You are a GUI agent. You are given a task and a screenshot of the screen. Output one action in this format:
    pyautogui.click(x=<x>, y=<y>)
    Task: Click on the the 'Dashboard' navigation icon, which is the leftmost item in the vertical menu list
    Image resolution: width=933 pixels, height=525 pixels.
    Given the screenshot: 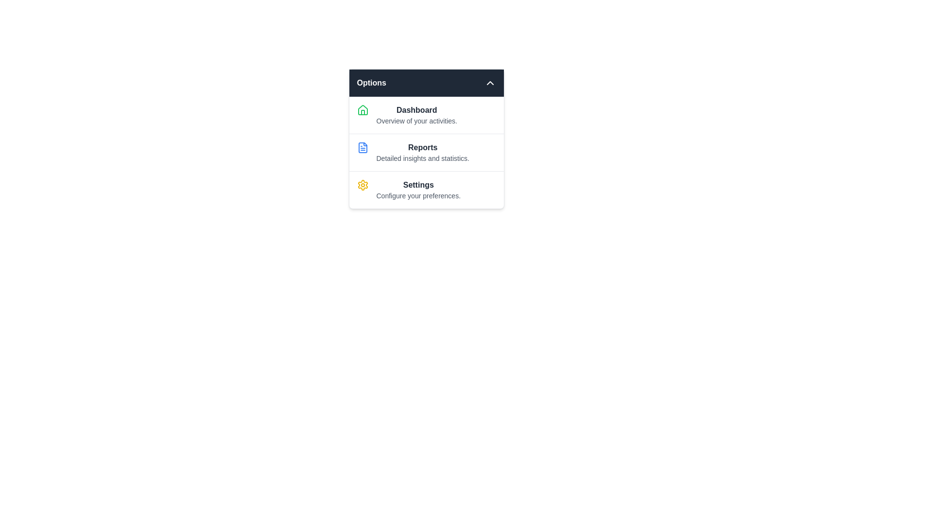 What is the action you would take?
    pyautogui.click(x=362, y=110)
    